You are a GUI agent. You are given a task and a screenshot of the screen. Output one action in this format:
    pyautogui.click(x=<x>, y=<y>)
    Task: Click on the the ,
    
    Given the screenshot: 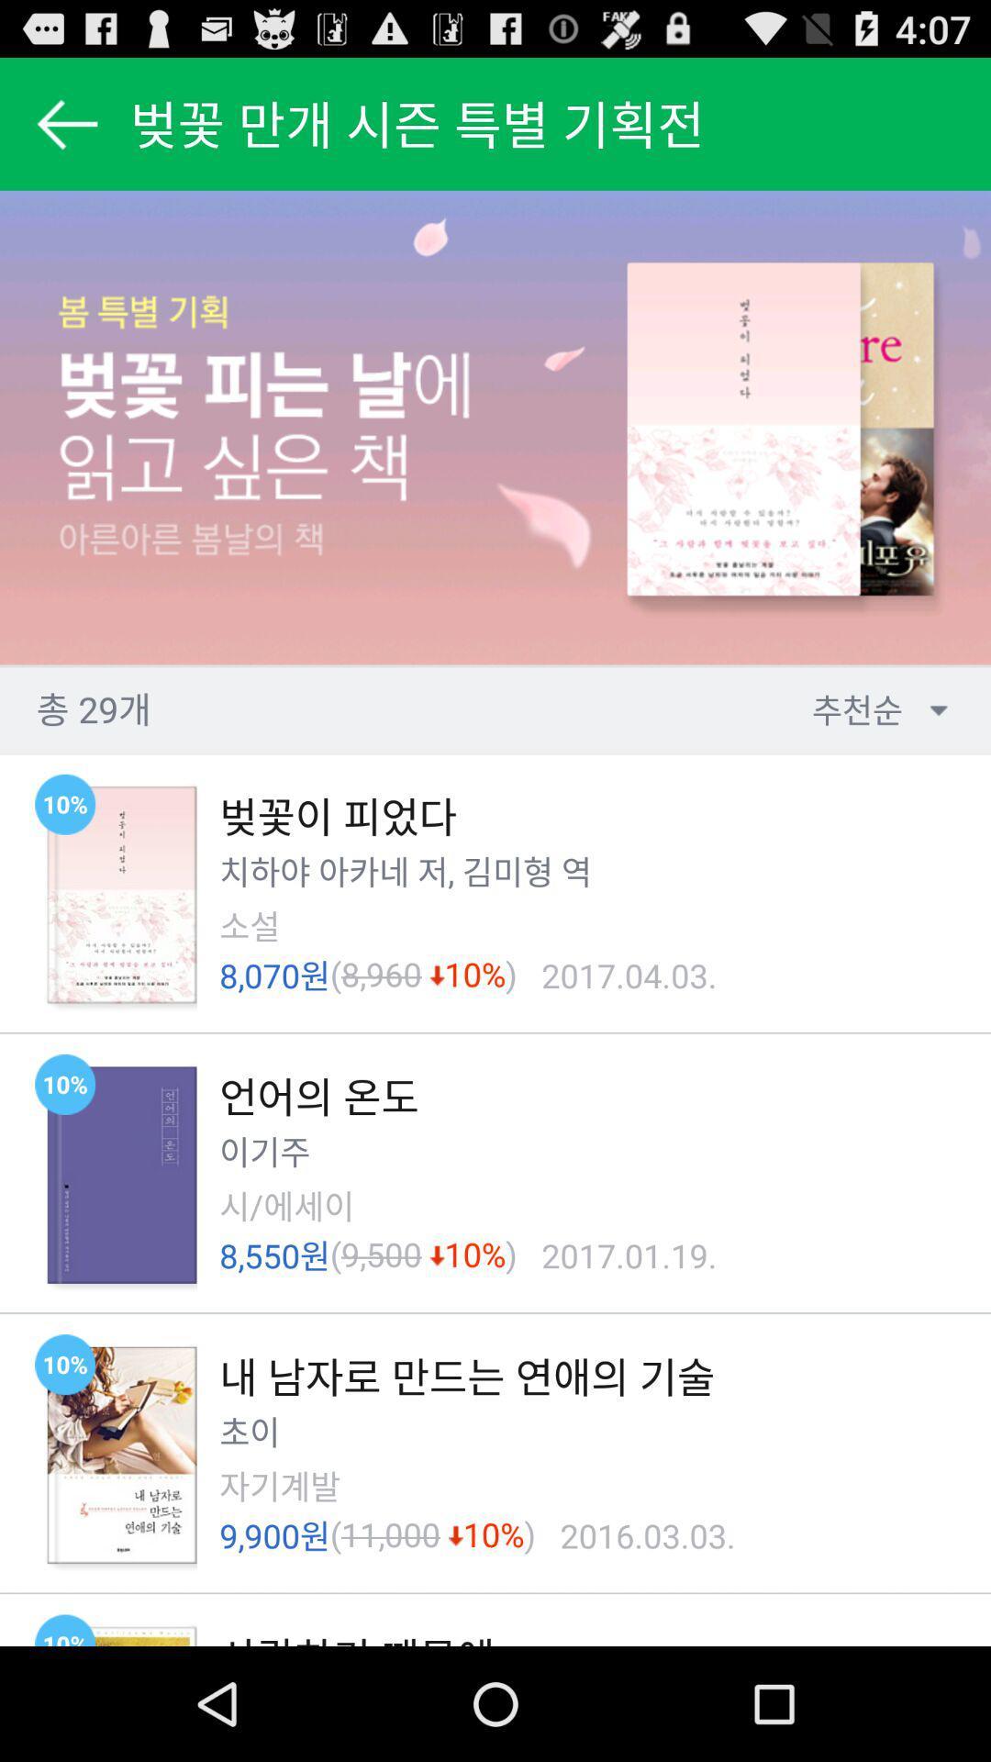 What is the action you would take?
    pyautogui.click(x=454, y=872)
    